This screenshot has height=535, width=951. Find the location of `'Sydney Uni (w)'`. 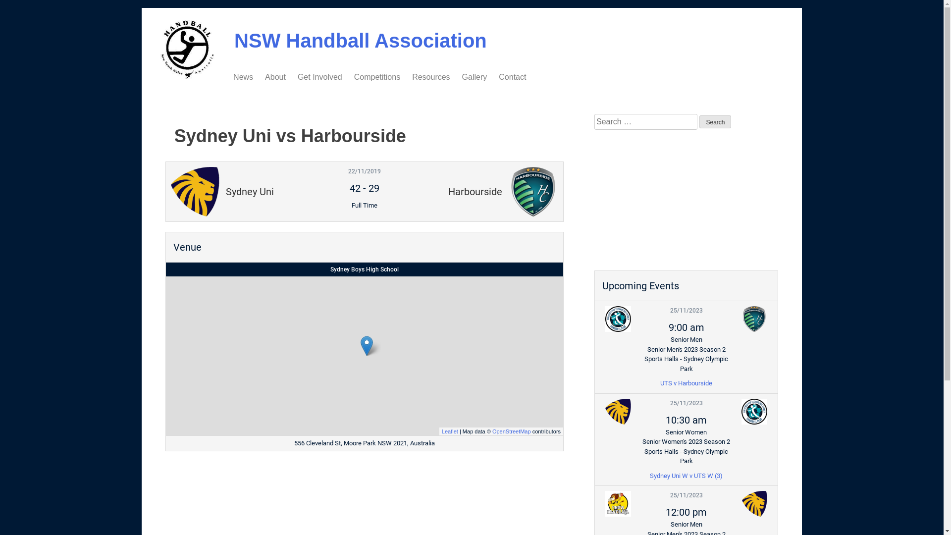

'Sydney Uni (w)' is located at coordinates (618, 411).